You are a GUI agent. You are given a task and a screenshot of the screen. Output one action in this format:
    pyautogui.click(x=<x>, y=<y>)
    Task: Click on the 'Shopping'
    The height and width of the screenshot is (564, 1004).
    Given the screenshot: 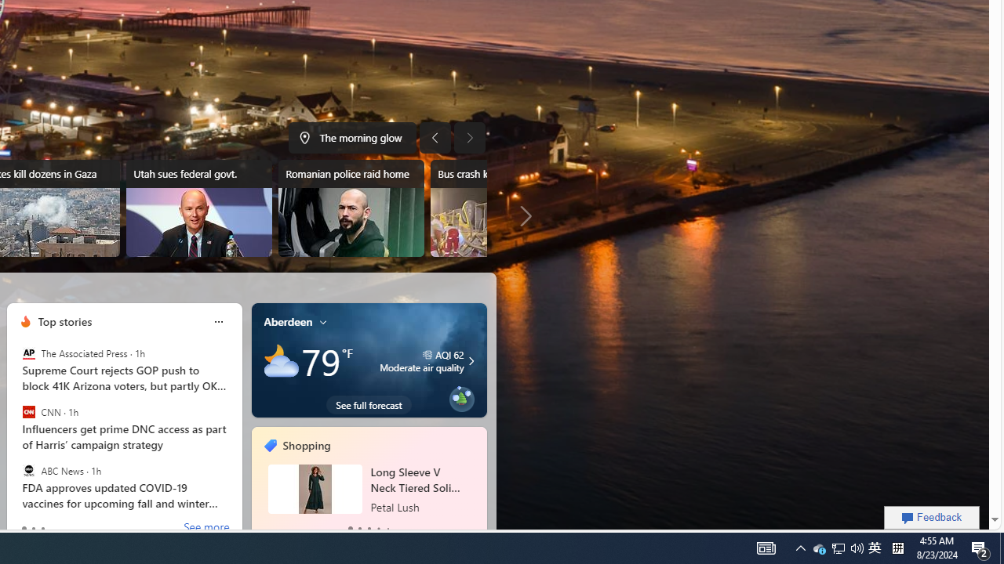 What is the action you would take?
    pyautogui.click(x=307, y=446)
    